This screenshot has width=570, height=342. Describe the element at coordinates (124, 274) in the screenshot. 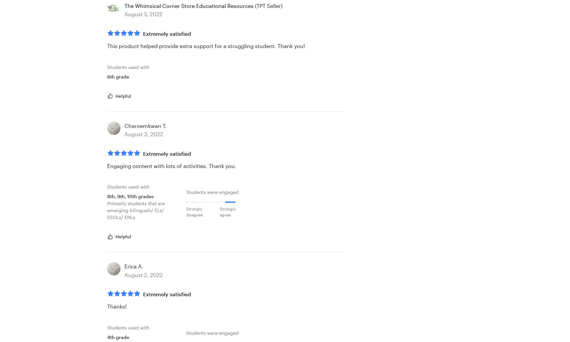

I see `'August 2, 2022'` at that location.